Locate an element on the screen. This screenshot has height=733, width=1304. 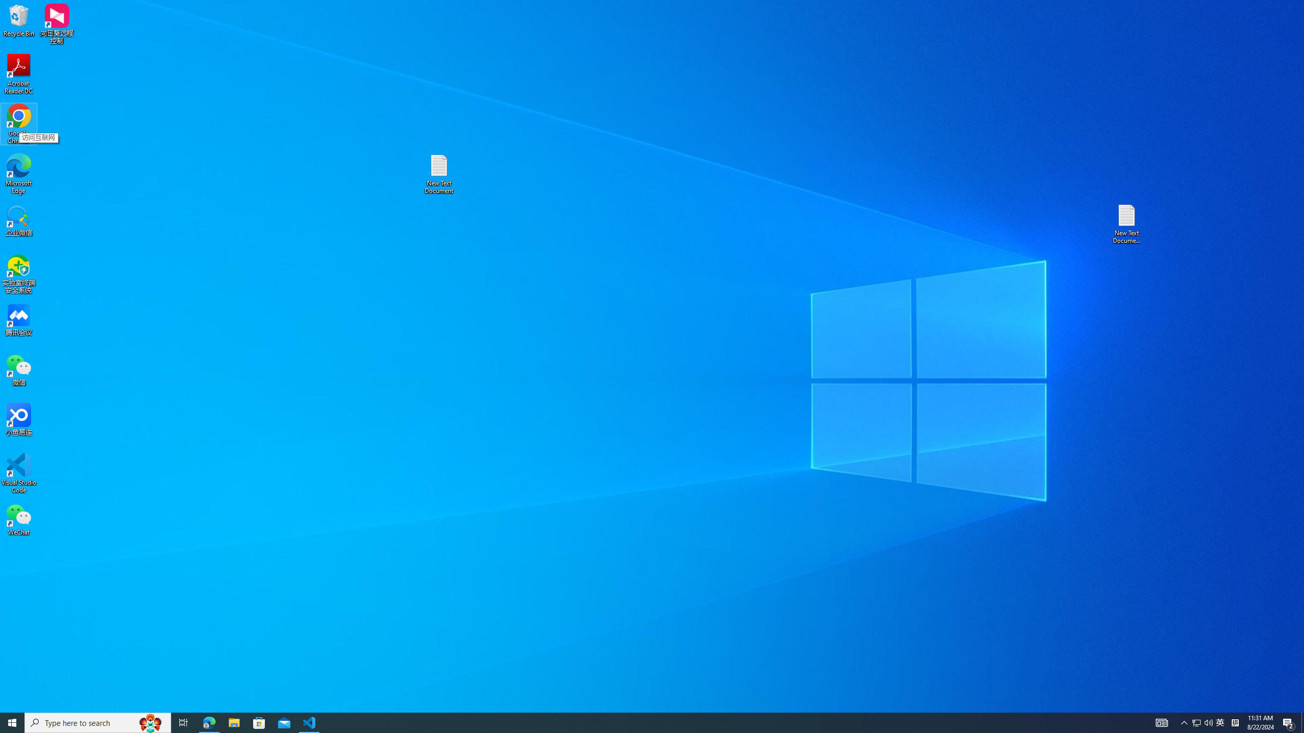
'WeChat' is located at coordinates (18, 519).